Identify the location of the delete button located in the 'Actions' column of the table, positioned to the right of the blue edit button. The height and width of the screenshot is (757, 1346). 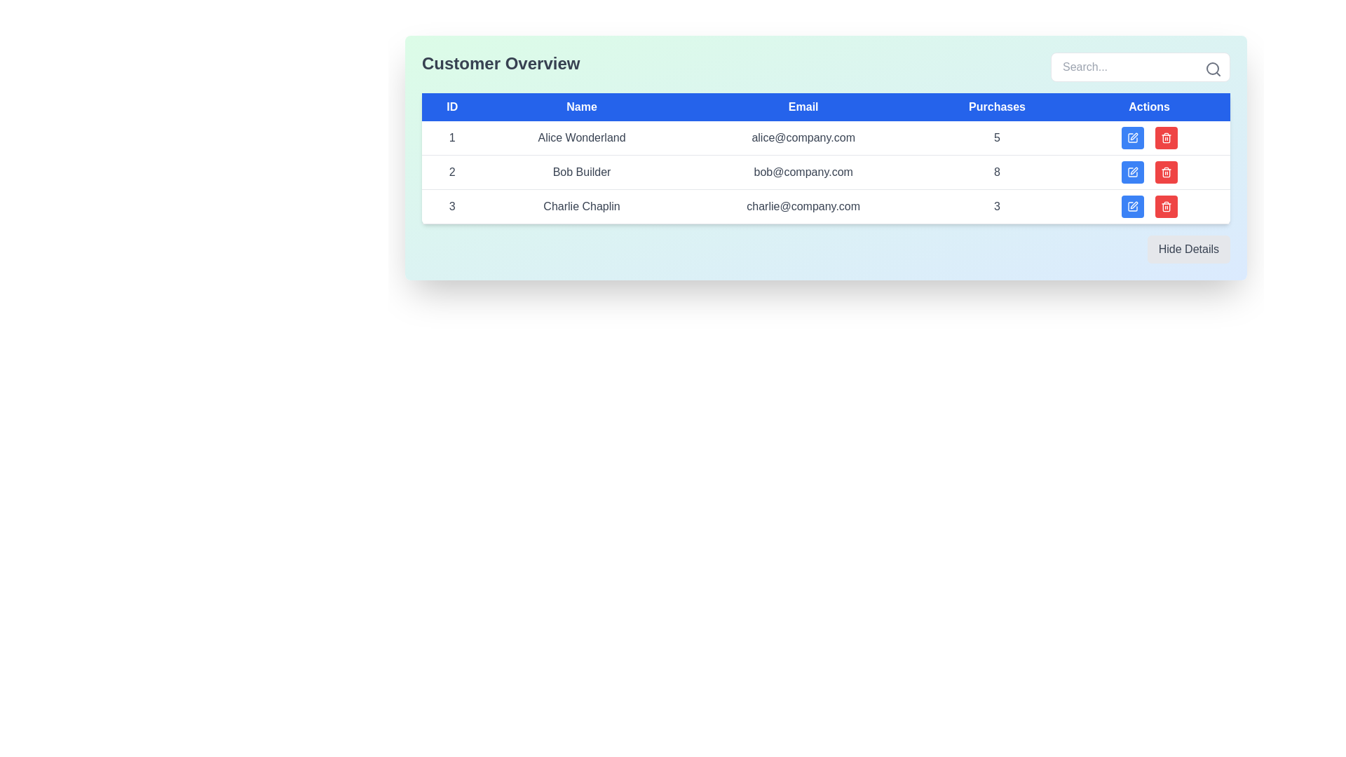
(1166, 172).